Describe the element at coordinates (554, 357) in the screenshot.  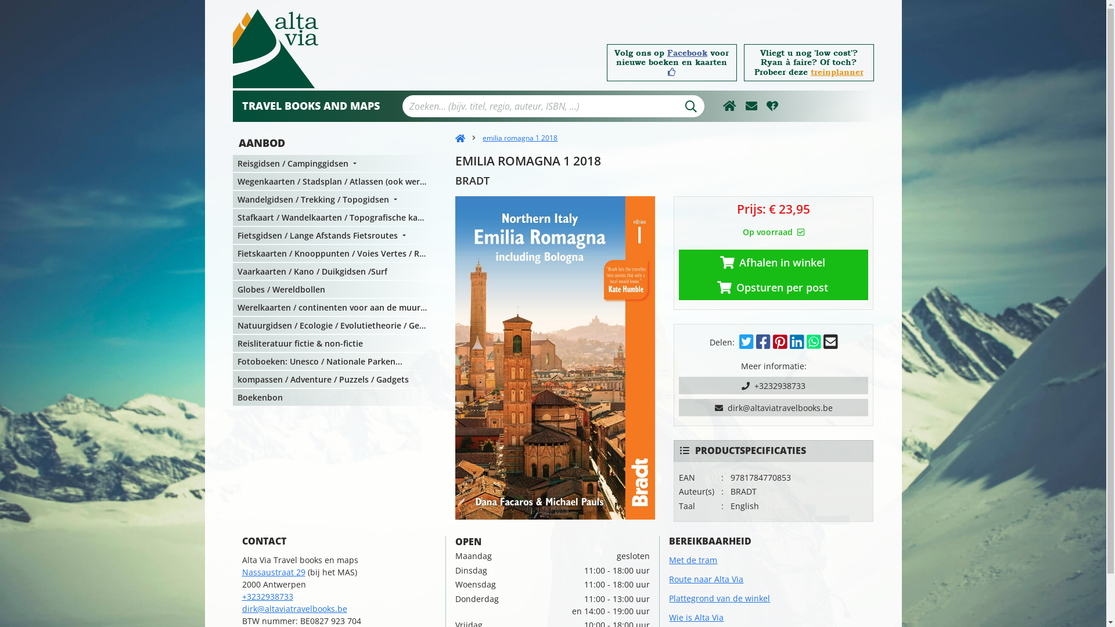
I see `'emilia romagna 1 2018'` at that location.